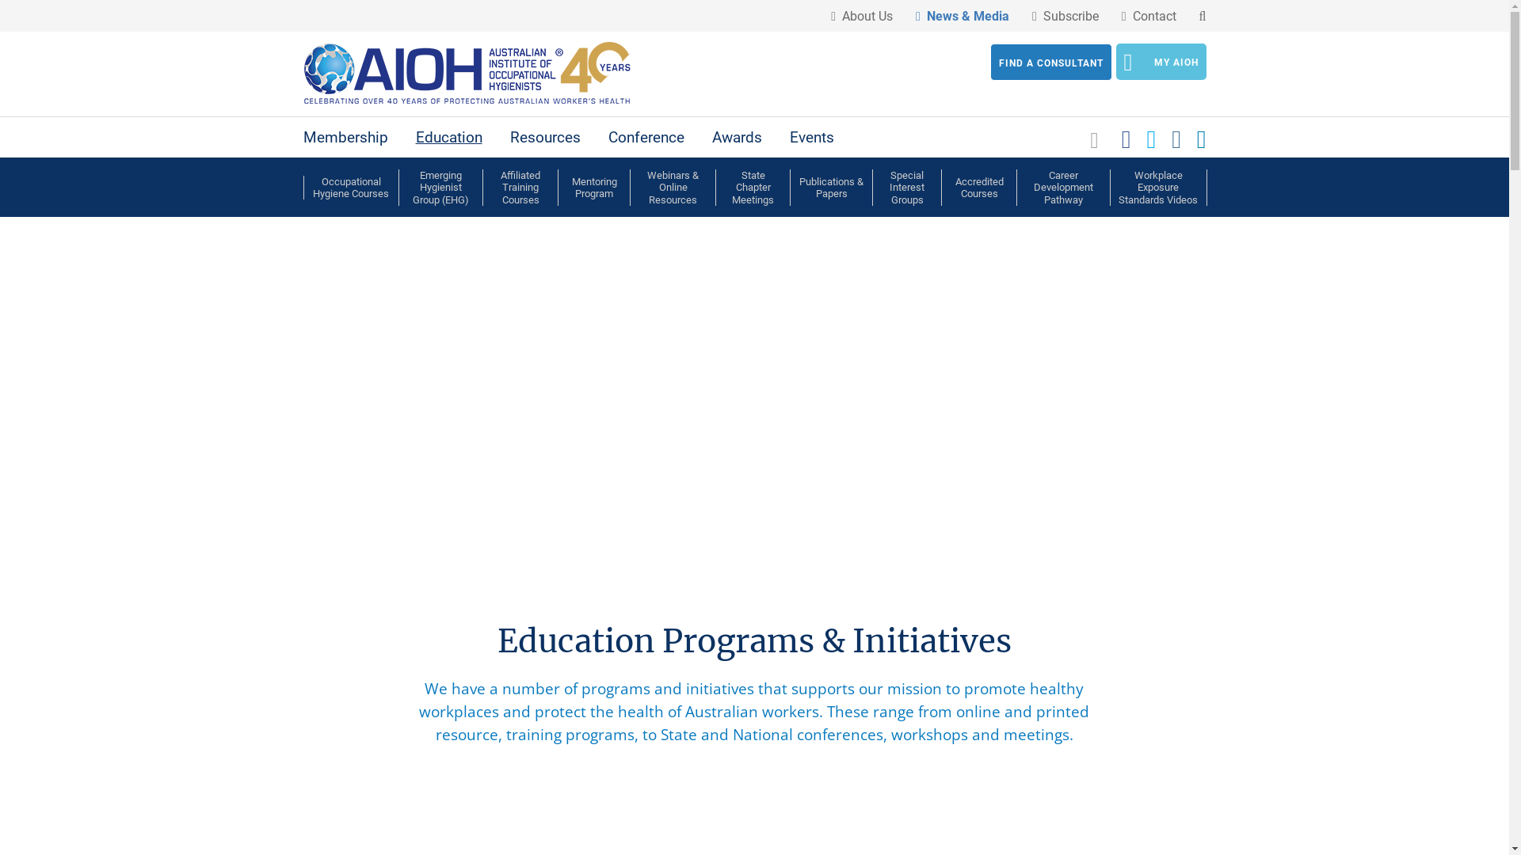  What do you see at coordinates (1149, 16) in the screenshot?
I see `'  Contact'` at bounding box center [1149, 16].